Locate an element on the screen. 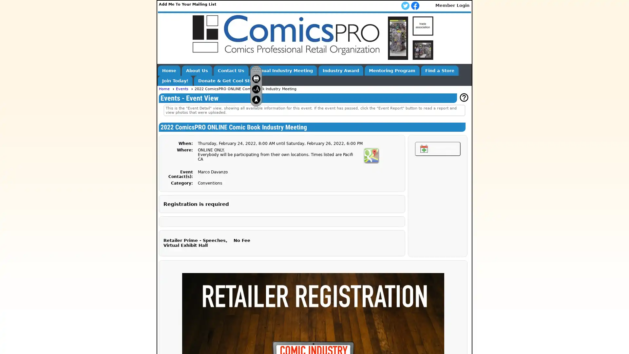  Add to my Calendar is located at coordinates (437, 149).